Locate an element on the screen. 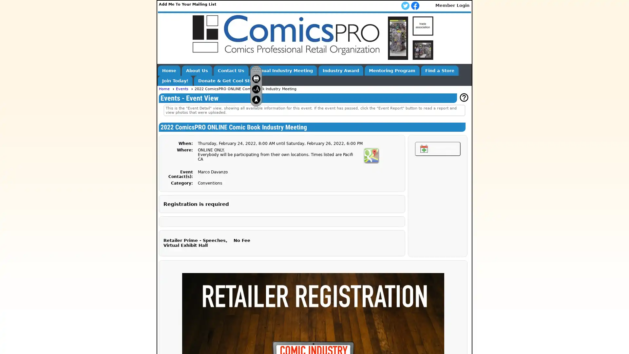  Add to my Calendar is located at coordinates (437, 149).